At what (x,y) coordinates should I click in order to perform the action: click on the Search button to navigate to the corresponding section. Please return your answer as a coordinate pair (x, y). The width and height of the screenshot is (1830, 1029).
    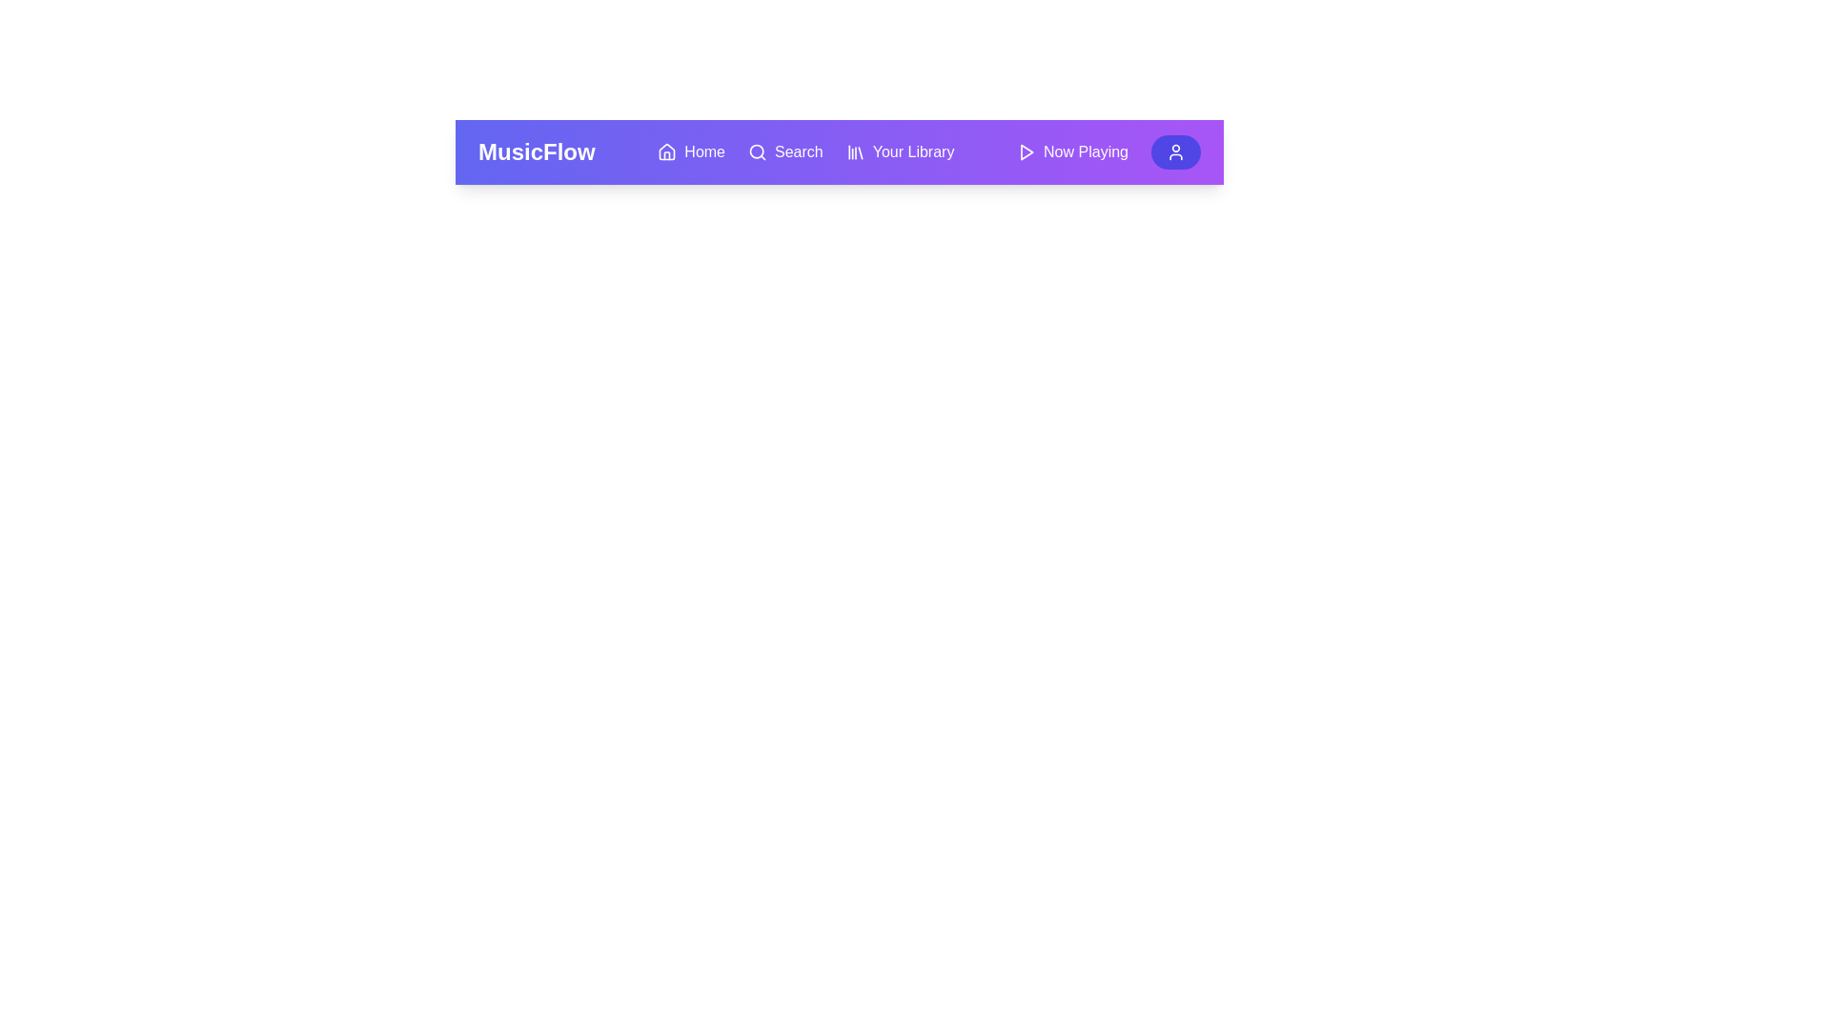
    Looking at the image, I should click on (785, 151).